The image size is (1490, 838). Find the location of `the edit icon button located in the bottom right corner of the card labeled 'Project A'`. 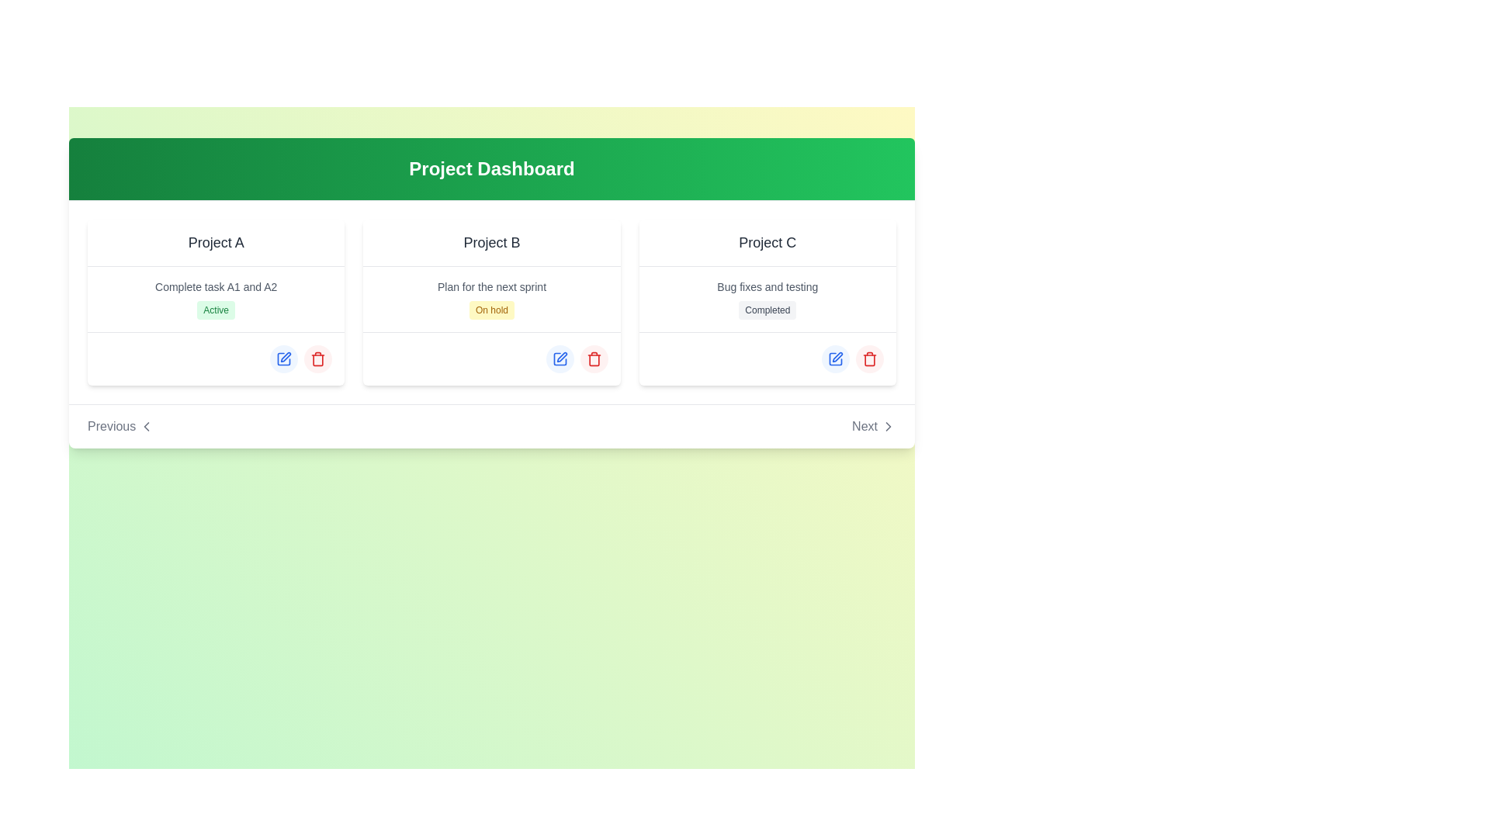

the edit icon button located in the bottom right corner of the card labeled 'Project A' is located at coordinates (284, 358).